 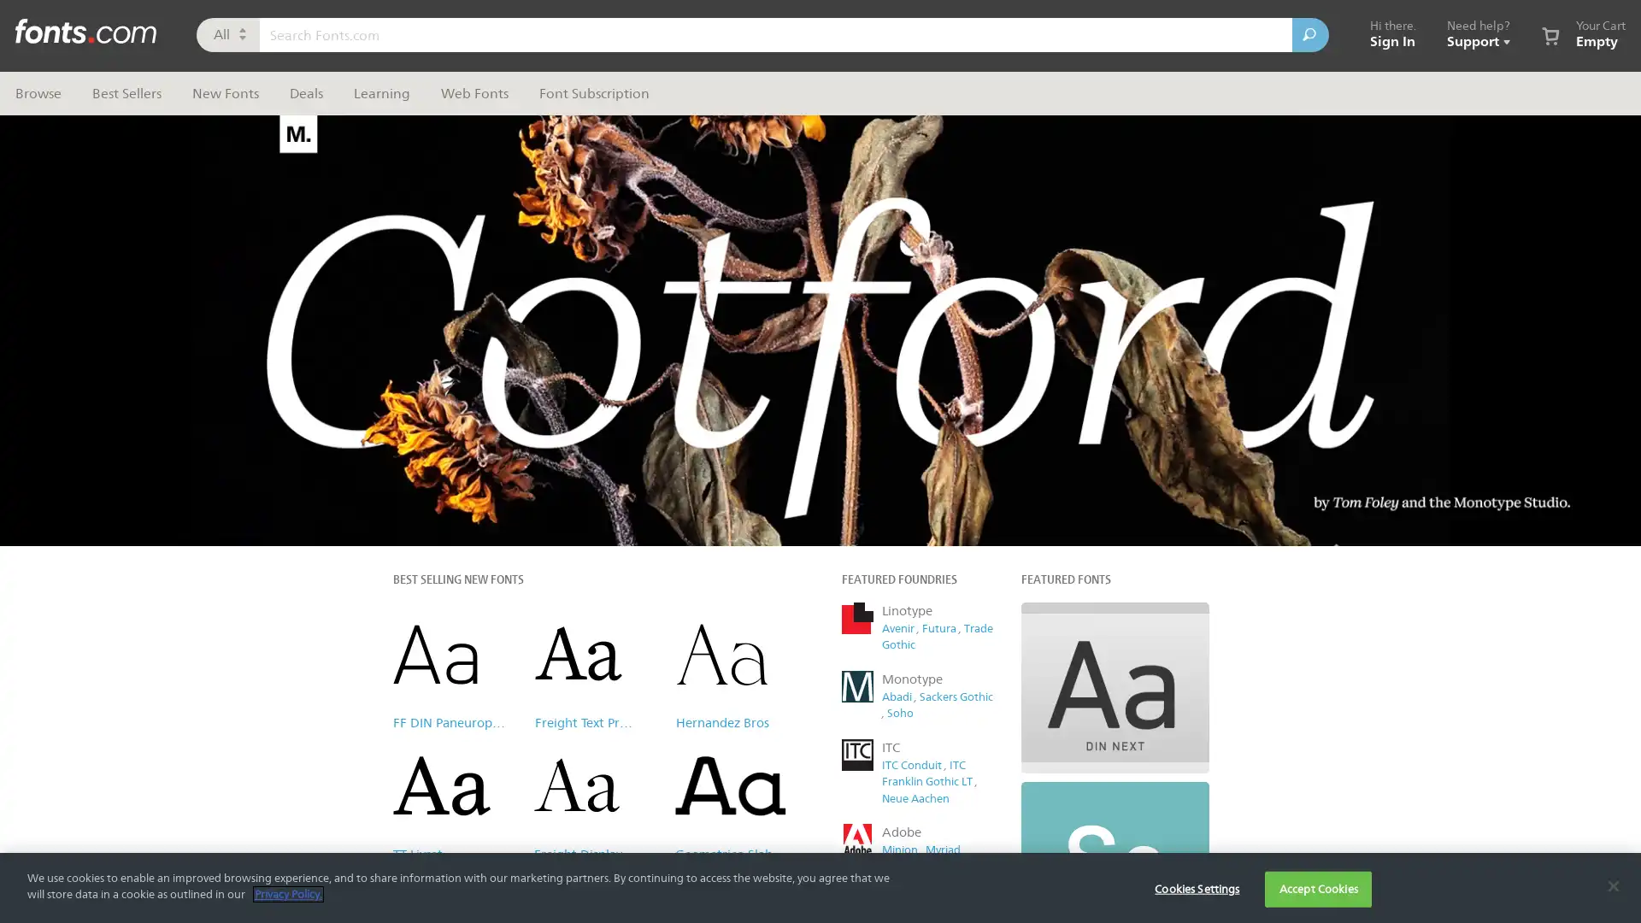 I want to click on Accept Cookies, so click(x=1317, y=888).